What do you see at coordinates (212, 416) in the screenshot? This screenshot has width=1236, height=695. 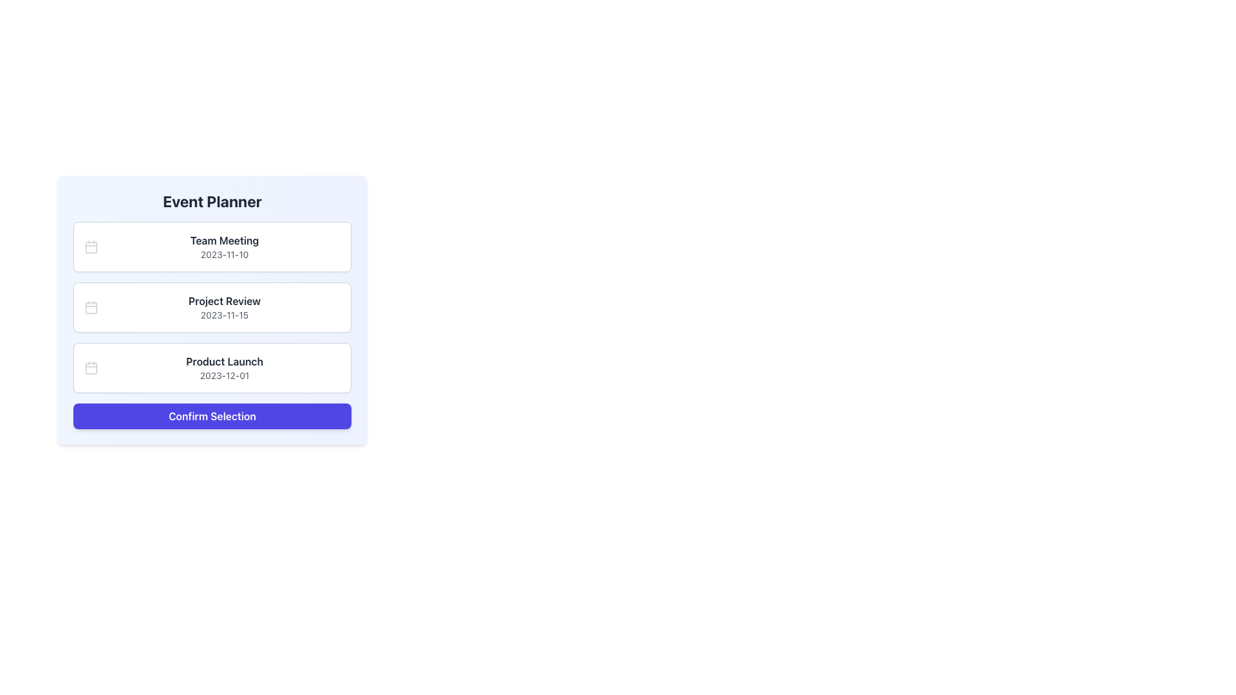 I see `the indigo 'Confirm Selection' button located at the bottom of the 'Event Planner' interface to confirm the selection` at bounding box center [212, 416].